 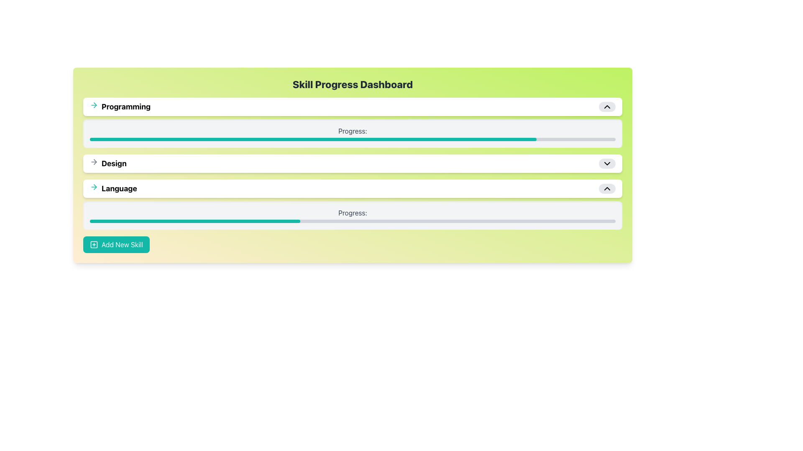 I want to click on text label indicating the category 'Programming' located in the upper-left portion of the green section card, which is the first entry in a vertical list, so click(x=125, y=106).